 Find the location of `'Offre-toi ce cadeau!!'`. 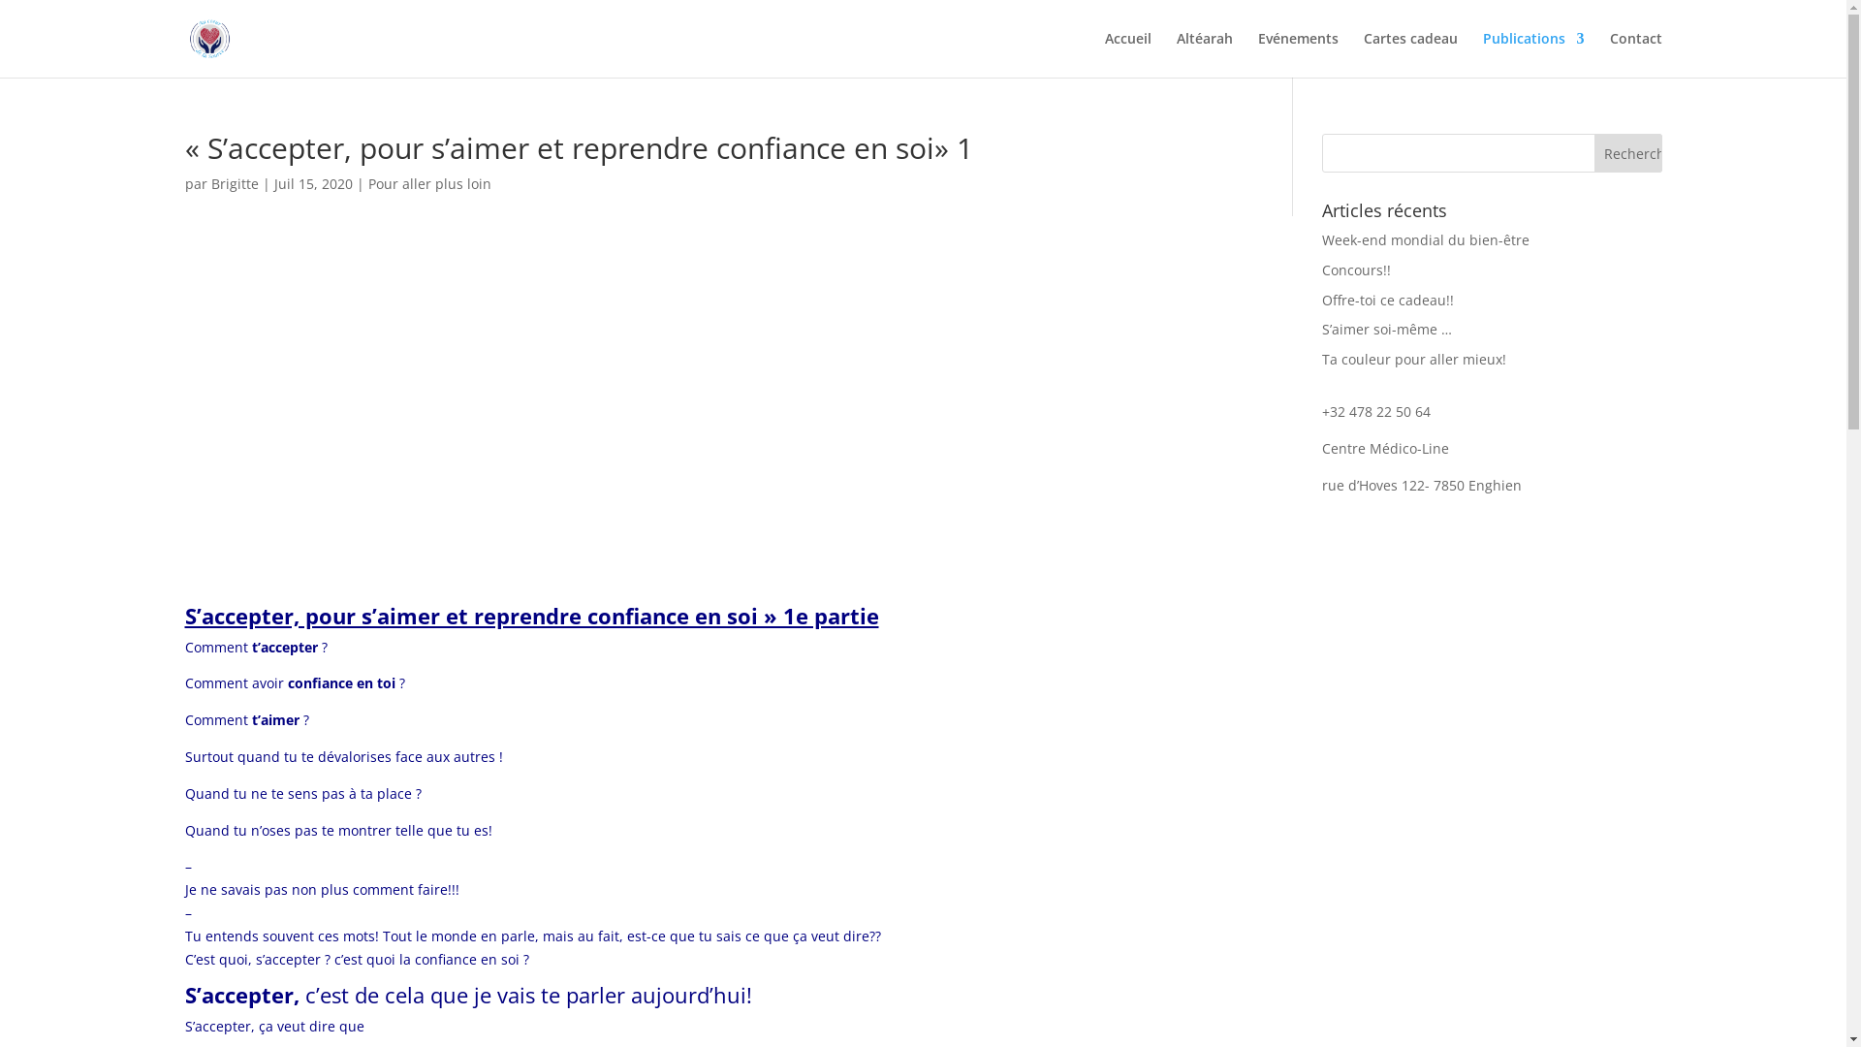

'Offre-toi ce cadeau!!' is located at coordinates (1386, 300).